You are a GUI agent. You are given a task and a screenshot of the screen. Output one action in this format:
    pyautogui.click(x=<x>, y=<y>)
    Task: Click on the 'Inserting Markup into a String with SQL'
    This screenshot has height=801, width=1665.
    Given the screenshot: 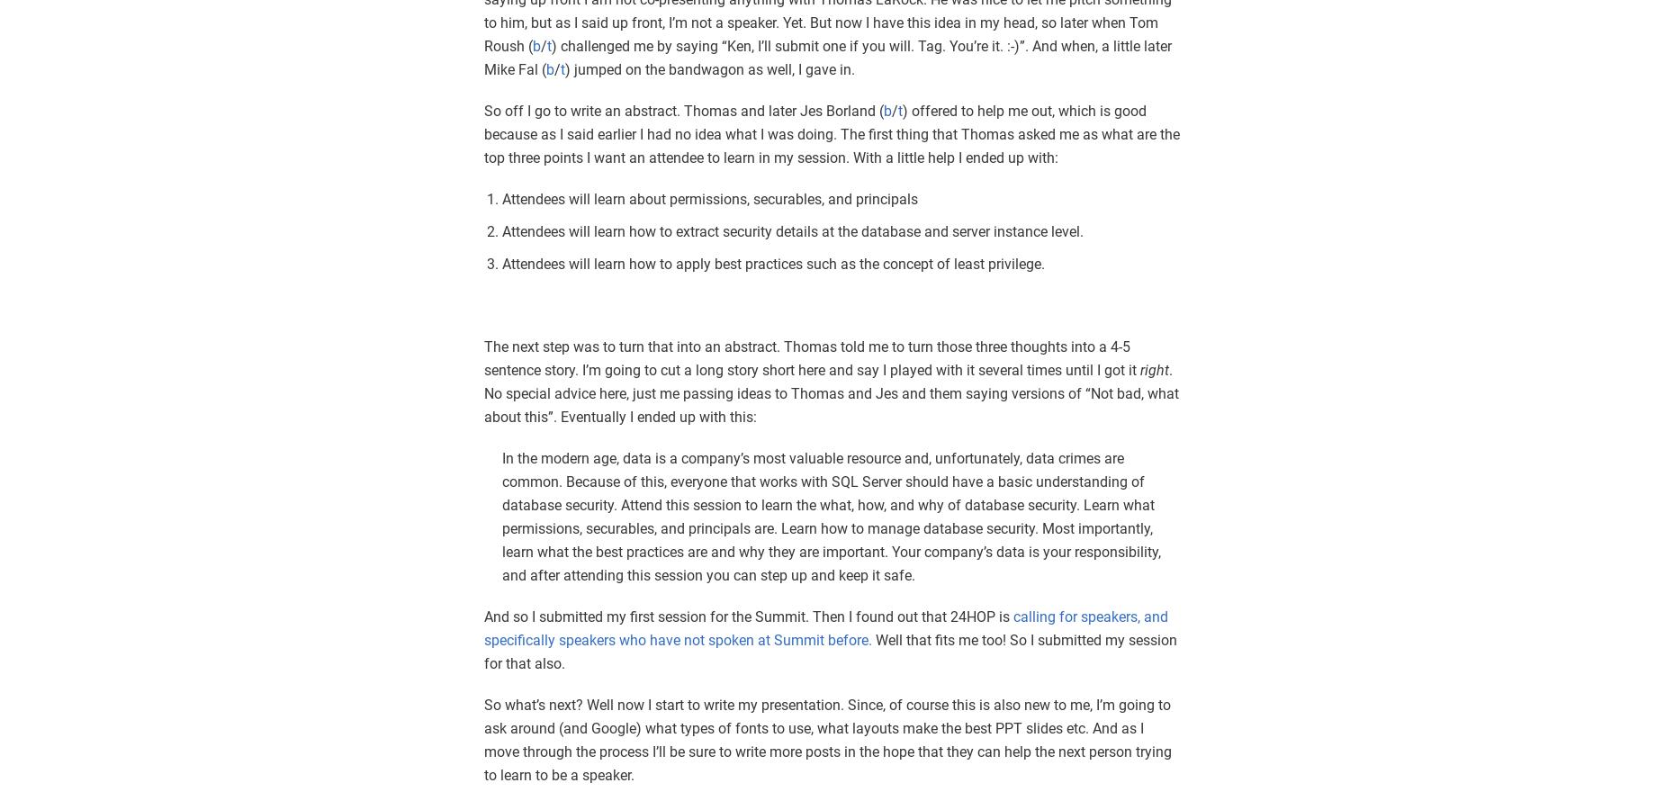 What is the action you would take?
    pyautogui.click(x=672, y=292)
    